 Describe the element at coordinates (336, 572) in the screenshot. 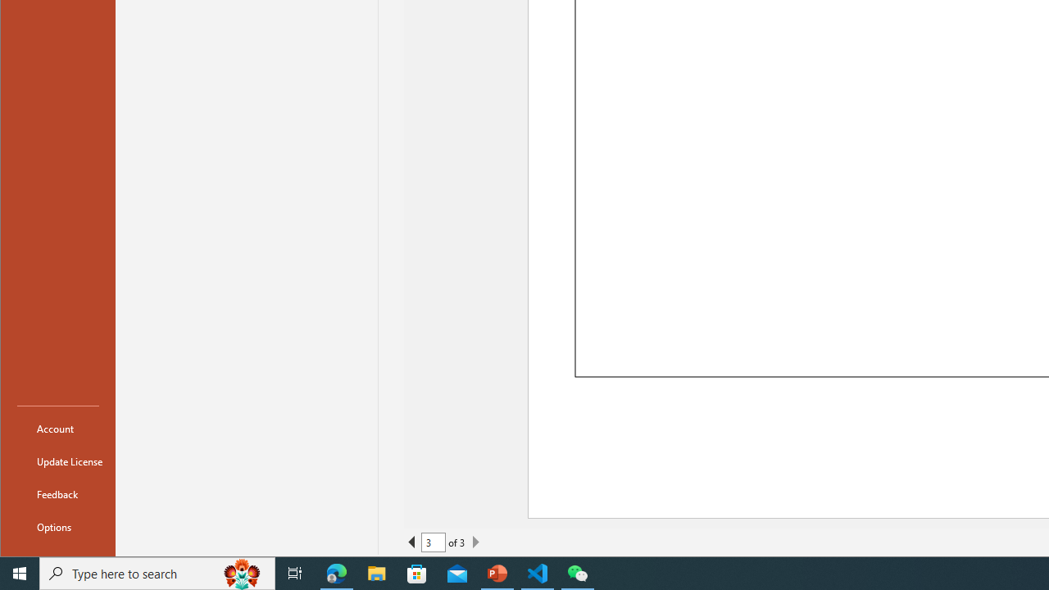

I see `'Microsoft Edge - 1 running window'` at that location.